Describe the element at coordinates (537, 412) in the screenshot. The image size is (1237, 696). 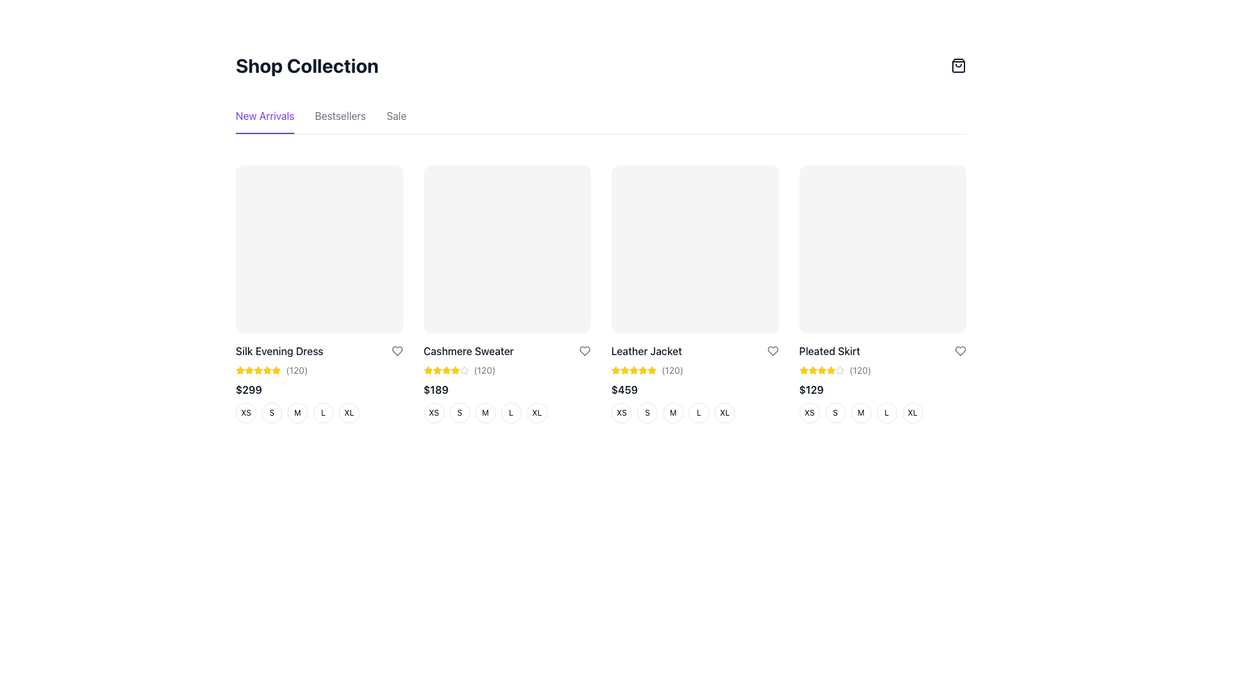
I see `the 'XL' size option button for the 'Cashmere Sweater'` at that location.